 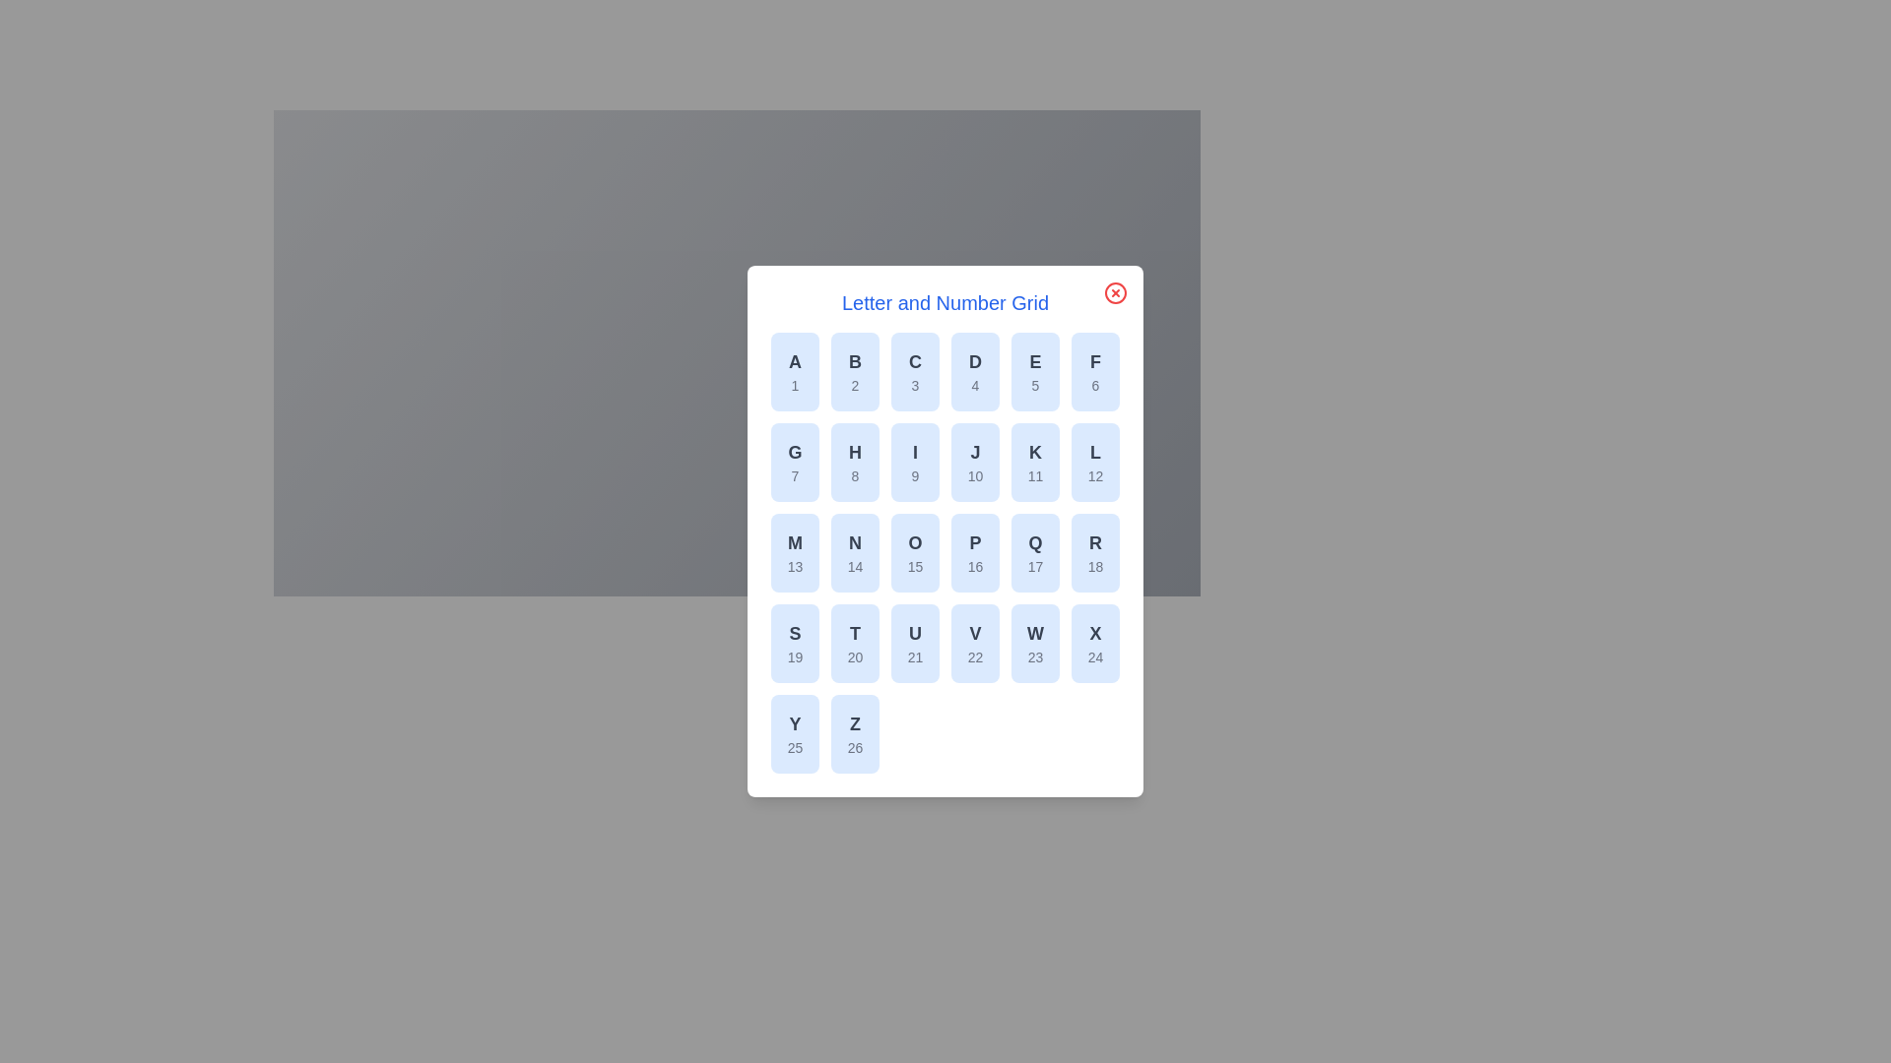 What do you see at coordinates (1094, 644) in the screenshot?
I see `the grid item corresponding to letter X` at bounding box center [1094, 644].